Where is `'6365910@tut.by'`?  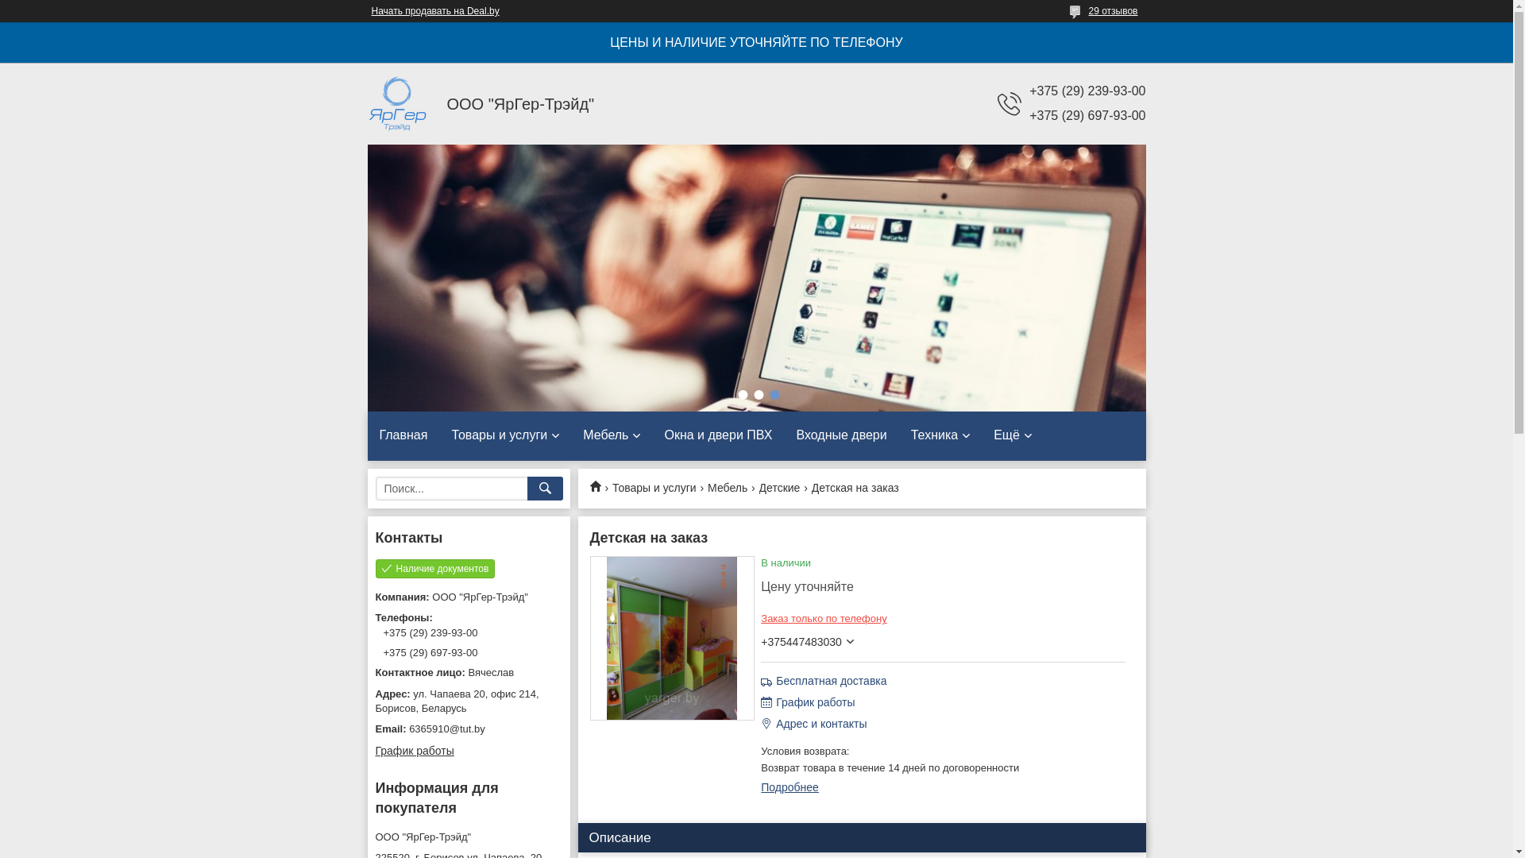
'6365910@tut.by' is located at coordinates (467, 729).